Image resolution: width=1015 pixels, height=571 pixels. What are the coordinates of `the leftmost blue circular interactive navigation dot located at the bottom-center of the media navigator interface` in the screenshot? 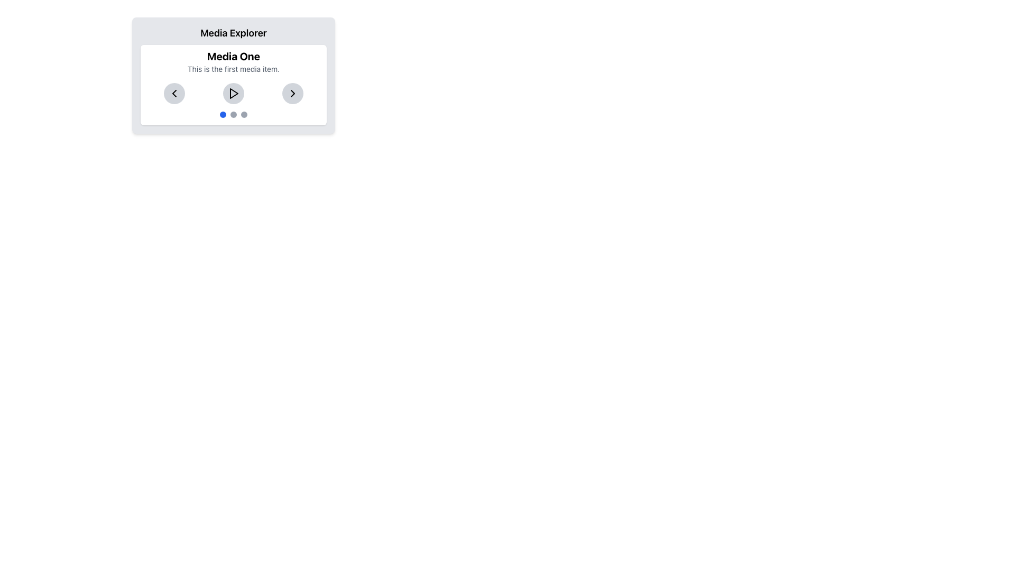 It's located at (223, 114).